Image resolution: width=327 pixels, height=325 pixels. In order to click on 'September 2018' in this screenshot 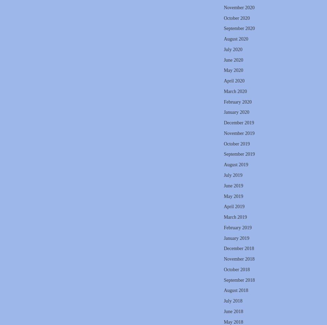, I will do `click(239, 280)`.